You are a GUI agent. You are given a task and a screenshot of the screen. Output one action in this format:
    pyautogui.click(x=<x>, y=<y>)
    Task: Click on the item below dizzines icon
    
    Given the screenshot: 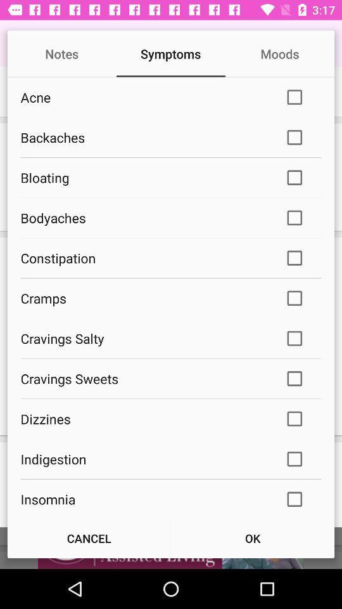 What is the action you would take?
    pyautogui.click(x=143, y=458)
    